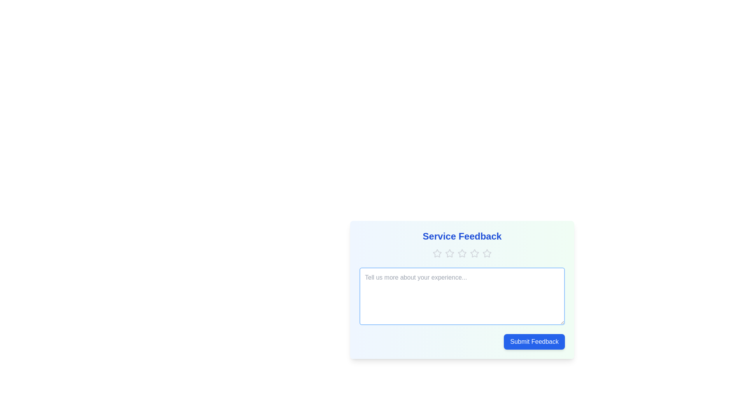 This screenshot has width=747, height=420. I want to click on the feedback text area to focus on it, so click(462, 296).